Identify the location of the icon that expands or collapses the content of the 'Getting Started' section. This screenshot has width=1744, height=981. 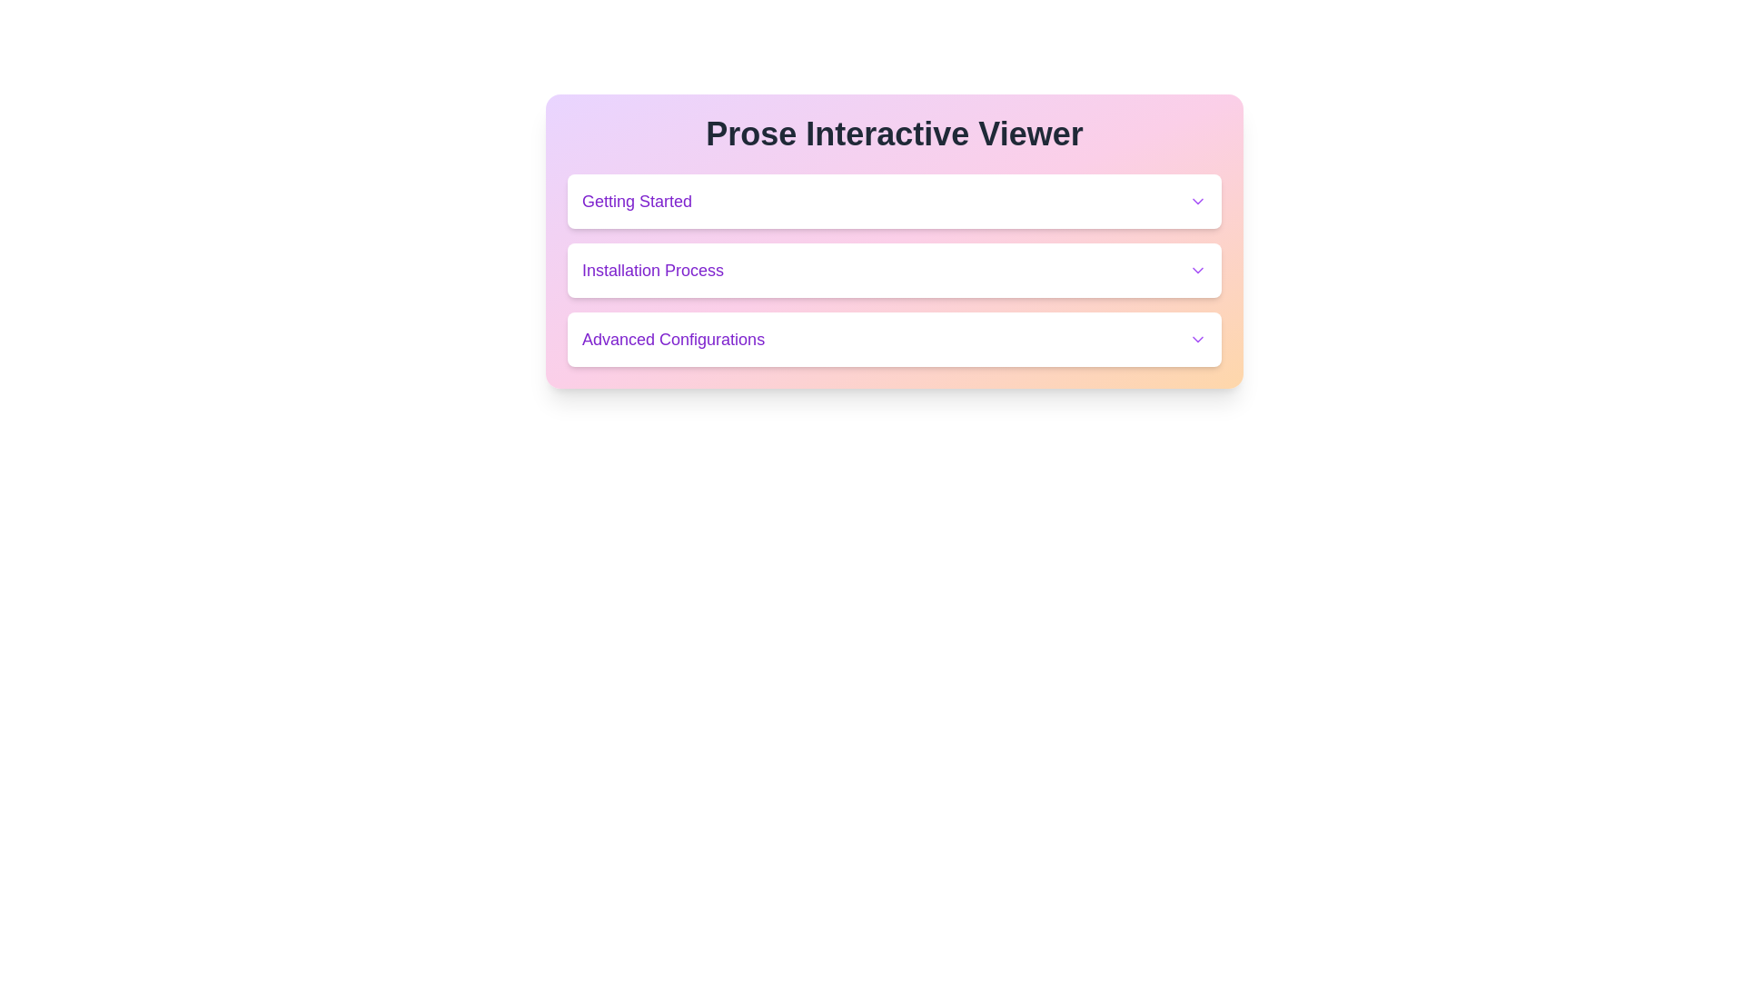
(1198, 202).